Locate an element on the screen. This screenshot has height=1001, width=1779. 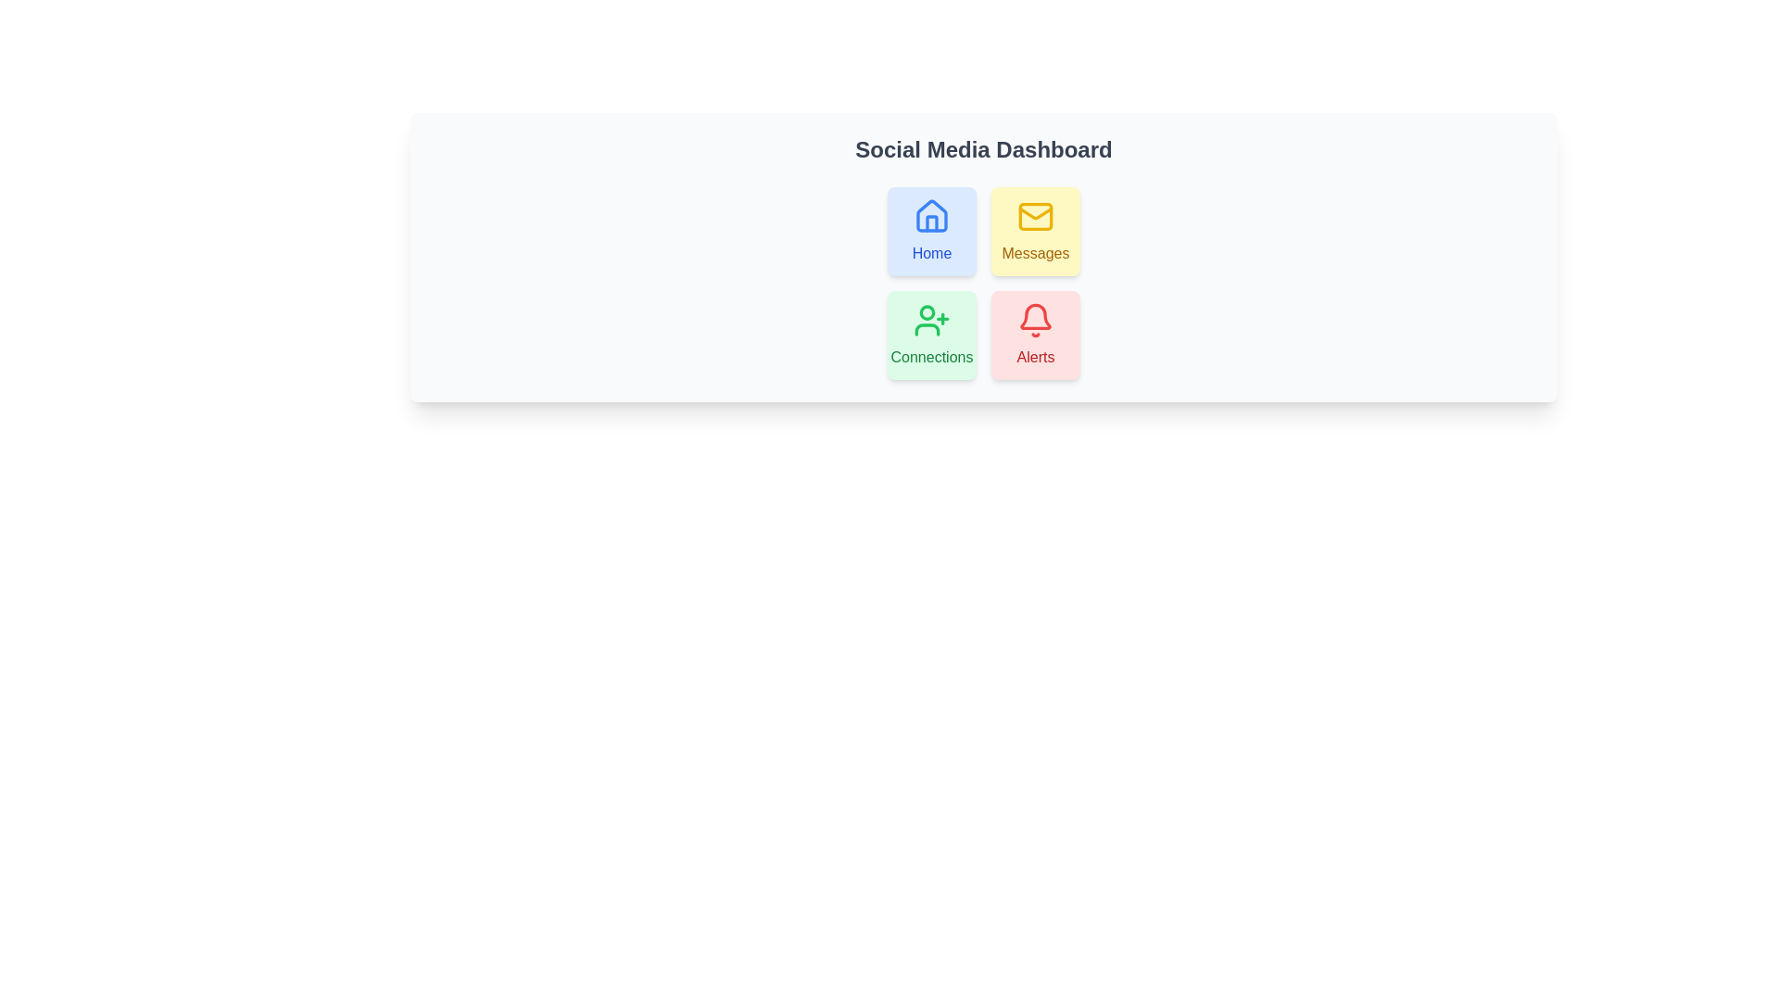
the 'Home' button located in the top-left slot of the 2x2 grid to change its background color is located at coordinates (932, 231).